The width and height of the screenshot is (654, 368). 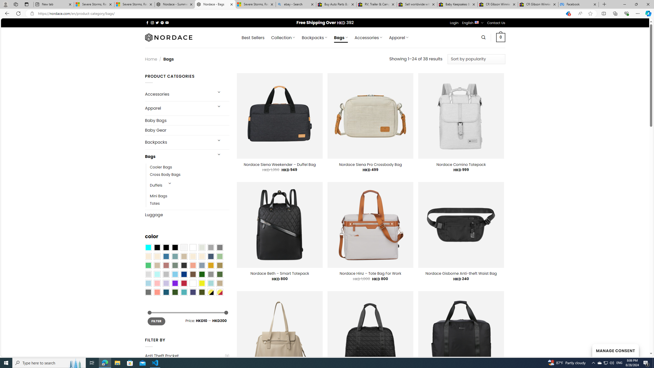 I want to click on 'Light Purple', so click(x=166, y=283).